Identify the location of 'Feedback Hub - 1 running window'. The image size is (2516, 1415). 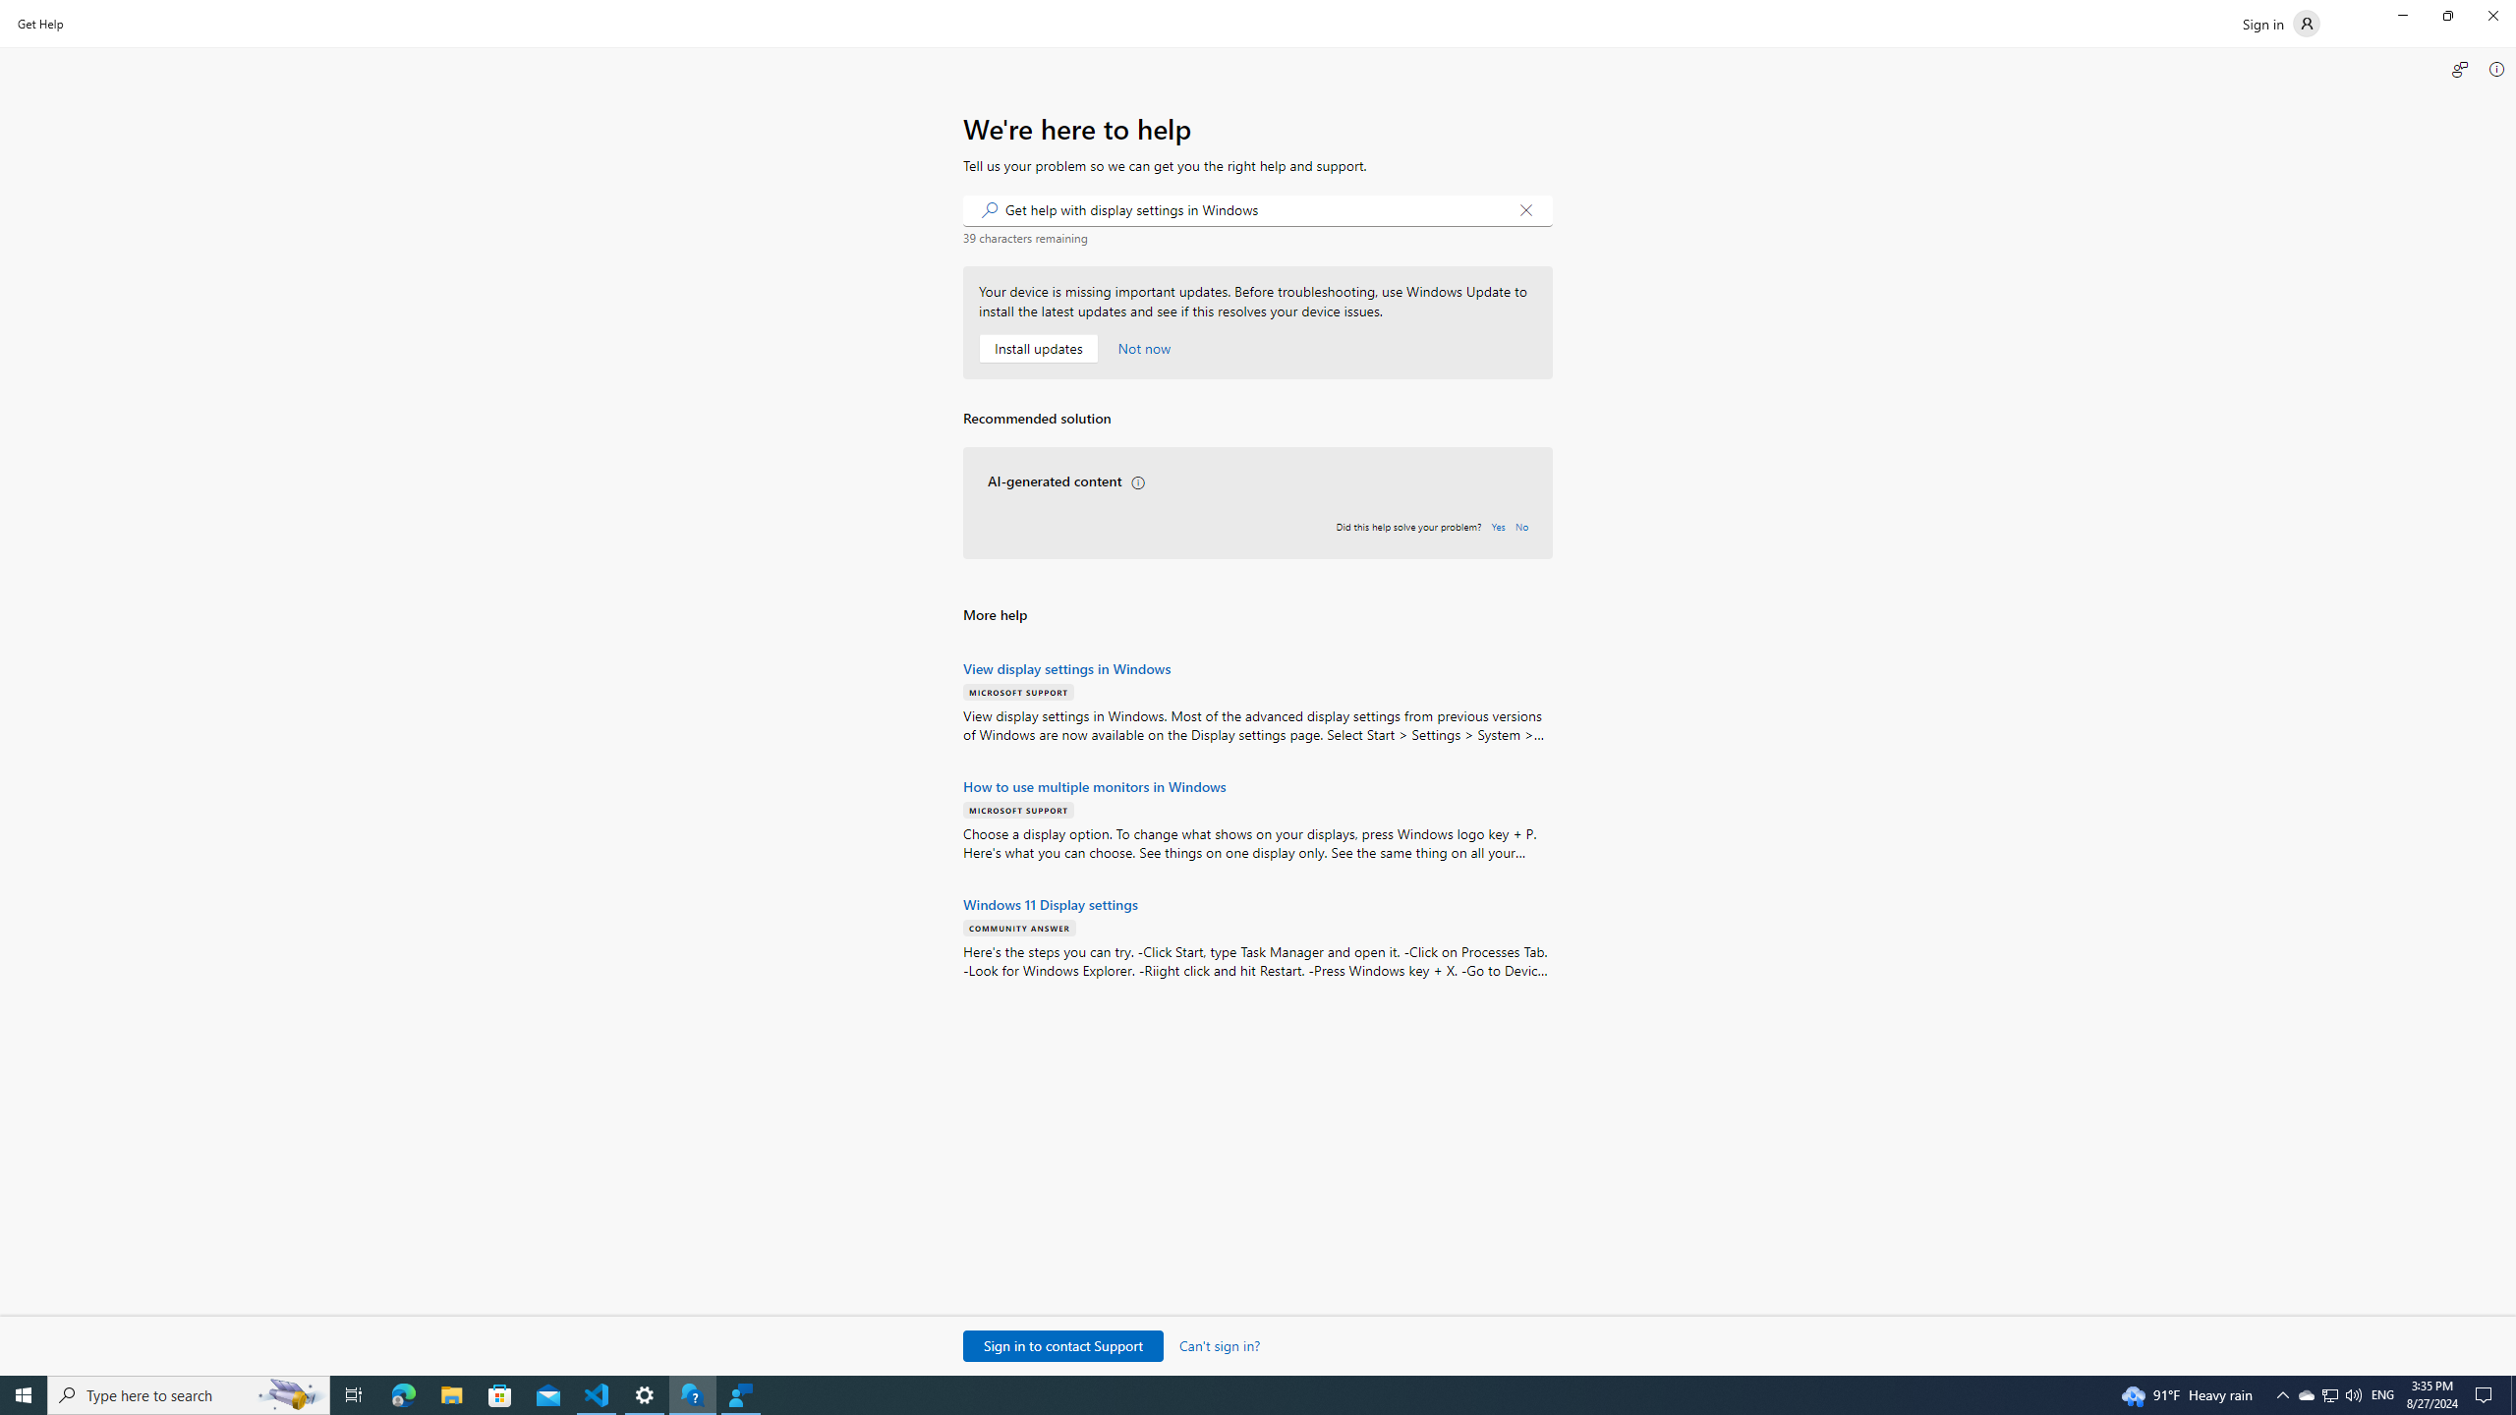
(740, 1393).